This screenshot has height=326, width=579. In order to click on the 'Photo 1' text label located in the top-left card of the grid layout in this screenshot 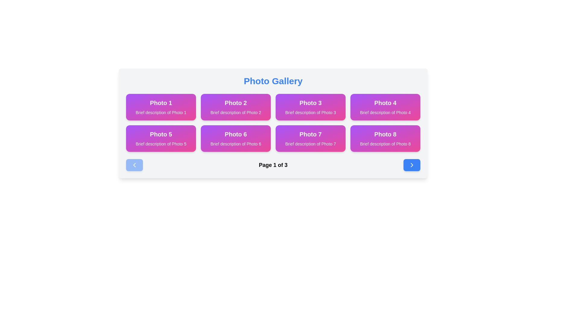, I will do `click(161, 102)`.